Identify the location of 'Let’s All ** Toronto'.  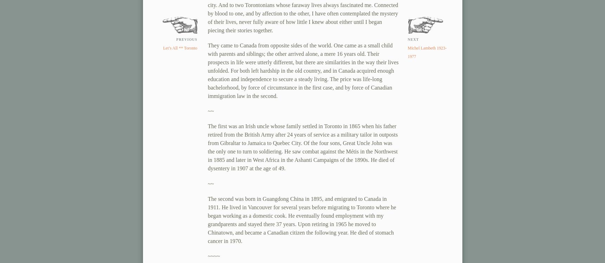
(163, 48).